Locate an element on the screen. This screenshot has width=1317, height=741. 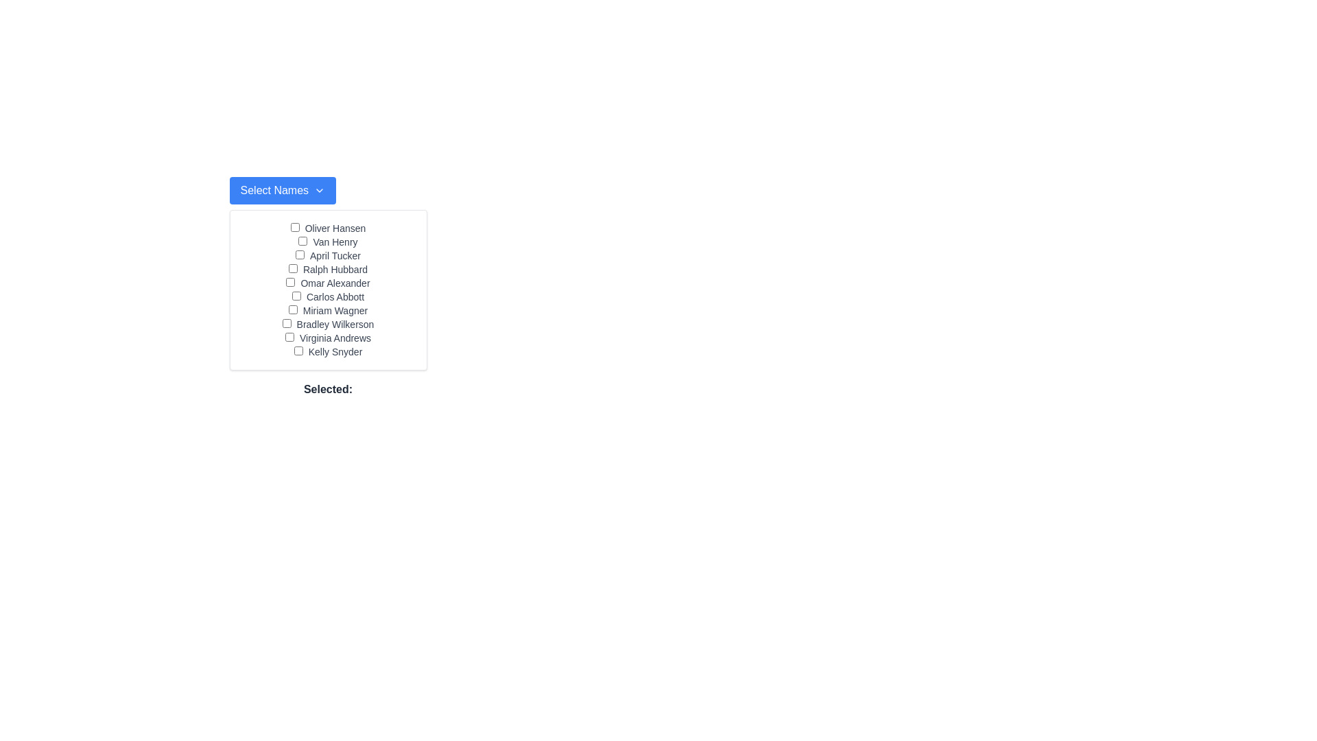
the dropdown trigger button located at the top-left corner of its containing panel is located at coordinates (282, 190).